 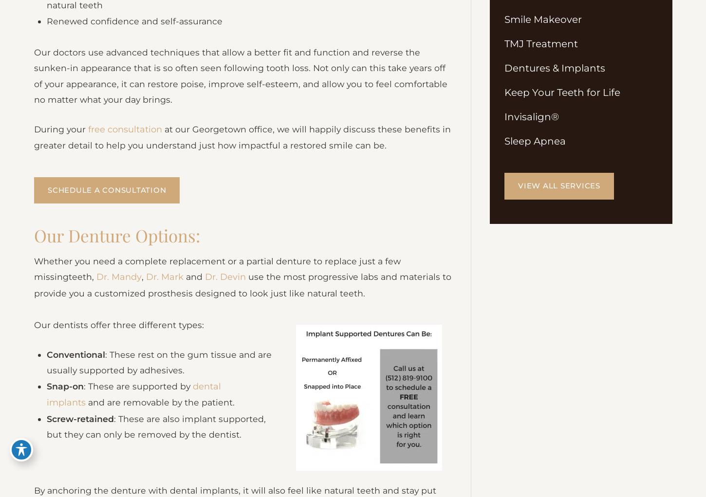 What do you see at coordinates (158, 442) in the screenshot?
I see `': These are also implant supported, but they can only be removed by the dentist.'` at bounding box center [158, 442].